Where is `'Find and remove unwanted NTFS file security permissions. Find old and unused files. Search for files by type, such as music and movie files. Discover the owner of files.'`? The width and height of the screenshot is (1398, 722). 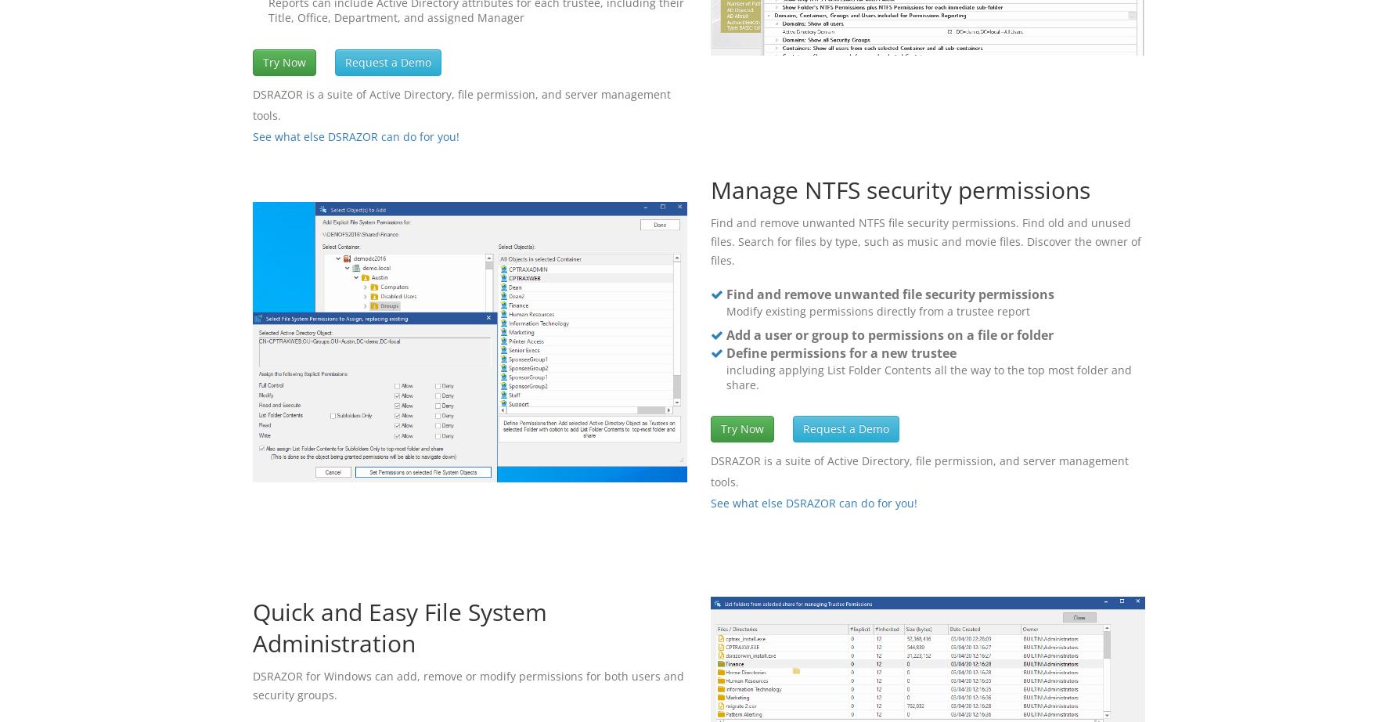
'Find and remove unwanted NTFS file security permissions. Find old and unused files. Search for files by type, such as music and movie files. Discover the owner of files.' is located at coordinates (925, 240).